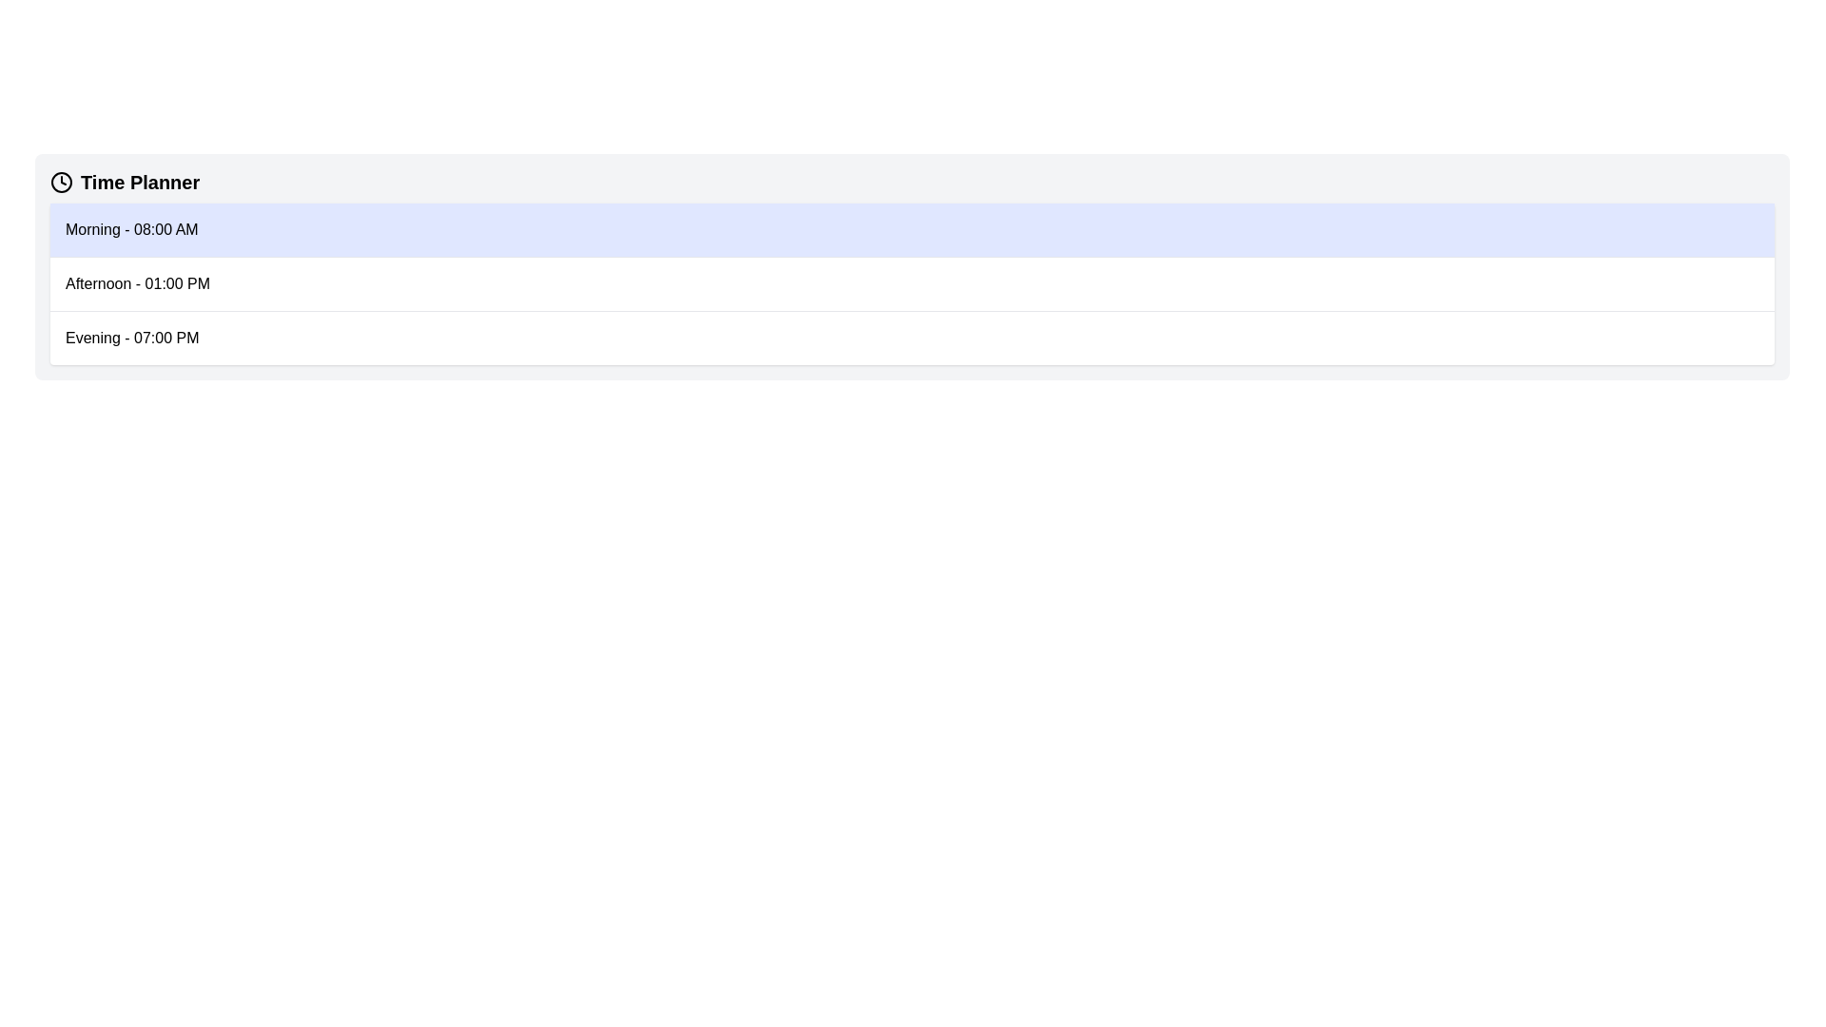  What do you see at coordinates (911, 229) in the screenshot?
I see `the selectable list item labeled 'Morning - 08:00 AM'` at bounding box center [911, 229].